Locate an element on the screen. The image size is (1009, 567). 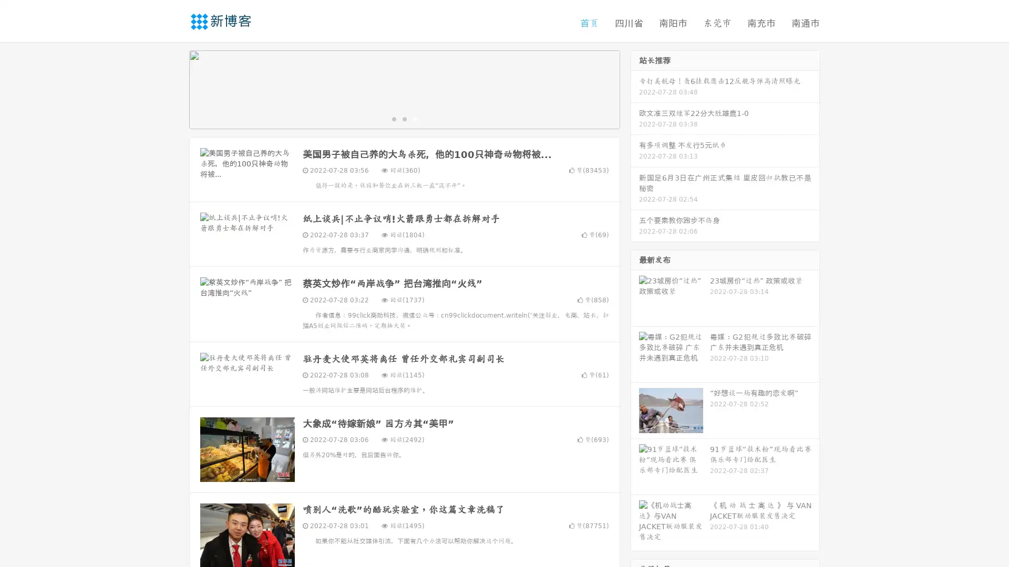
Go to slide 2 is located at coordinates (404, 118).